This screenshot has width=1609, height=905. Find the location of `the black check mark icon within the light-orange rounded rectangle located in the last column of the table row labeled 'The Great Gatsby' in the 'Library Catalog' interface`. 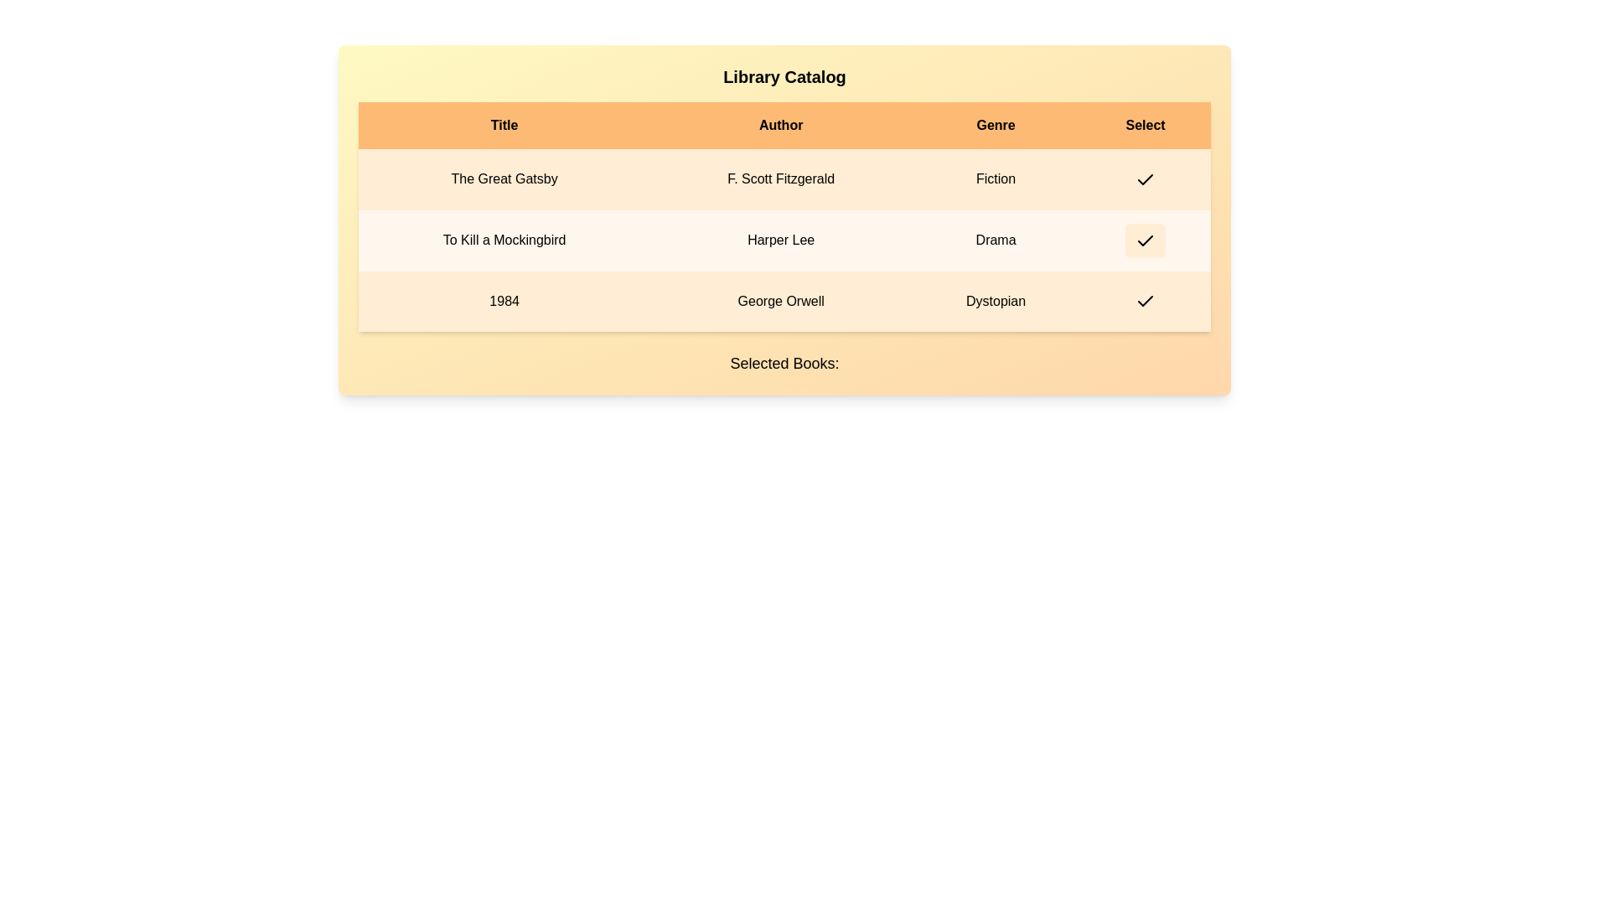

the black check mark icon within the light-orange rounded rectangle located in the last column of the table row labeled 'The Great Gatsby' in the 'Library Catalog' interface is located at coordinates (1145, 179).